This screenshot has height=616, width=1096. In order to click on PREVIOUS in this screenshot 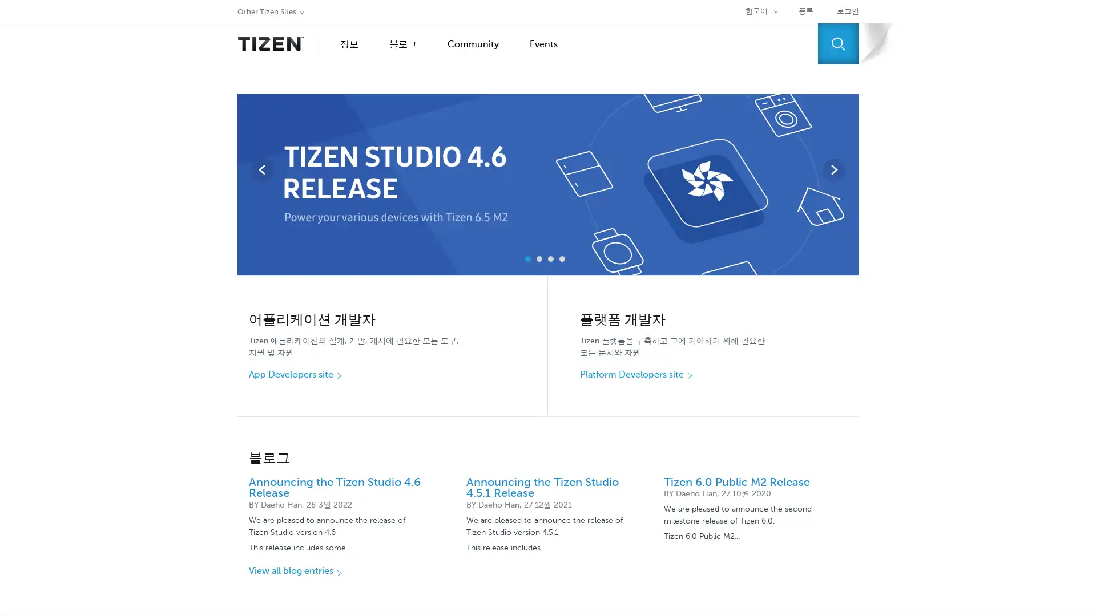, I will do `click(261, 169)`.